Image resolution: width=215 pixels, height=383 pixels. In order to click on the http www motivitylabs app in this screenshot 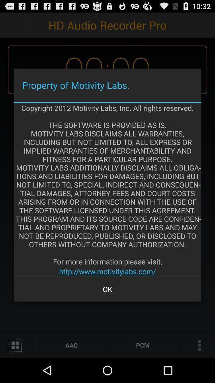, I will do `click(107, 271)`.